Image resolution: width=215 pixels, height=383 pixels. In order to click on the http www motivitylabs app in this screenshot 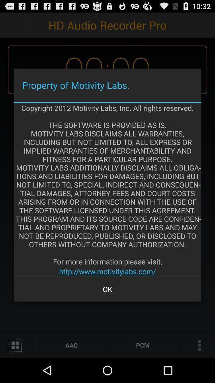, I will do `click(107, 271)`.